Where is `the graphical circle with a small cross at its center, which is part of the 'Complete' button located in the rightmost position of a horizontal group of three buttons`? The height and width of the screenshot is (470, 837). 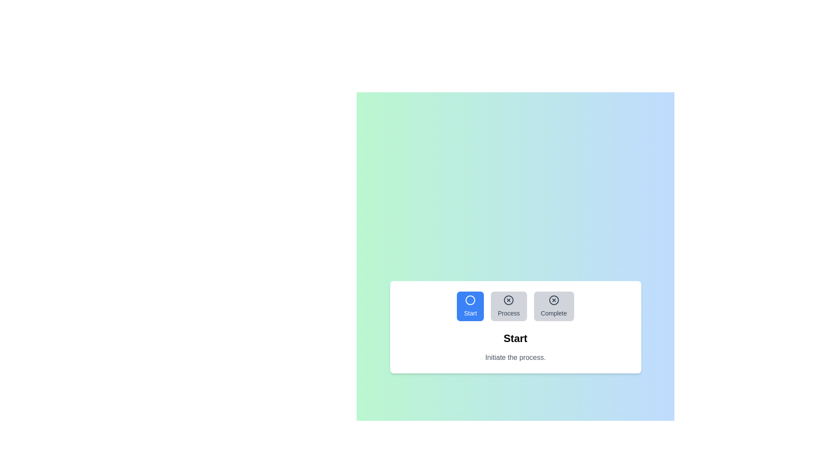
the graphical circle with a small cross at its center, which is part of the 'Complete' button located in the rightmost position of a horizontal group of three buttons is located at coordinates (553, 300).